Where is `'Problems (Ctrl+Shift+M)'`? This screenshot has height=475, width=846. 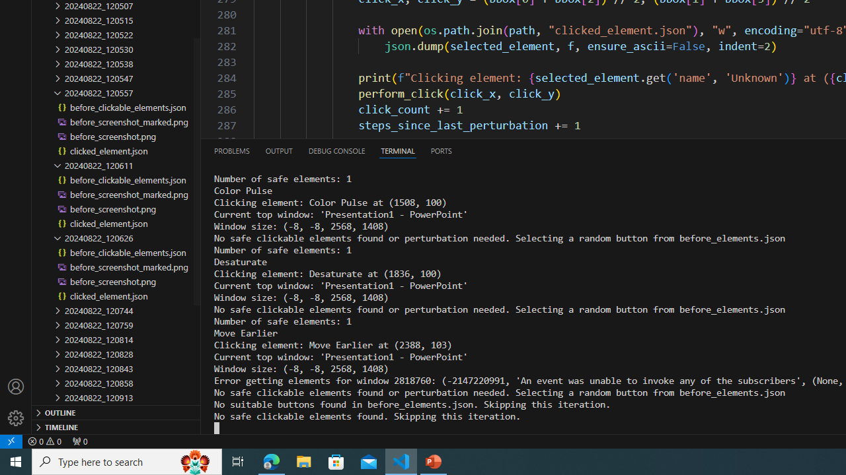
'Problems (Ctrl+Shift+M)' is located at coordinates (232, 150).